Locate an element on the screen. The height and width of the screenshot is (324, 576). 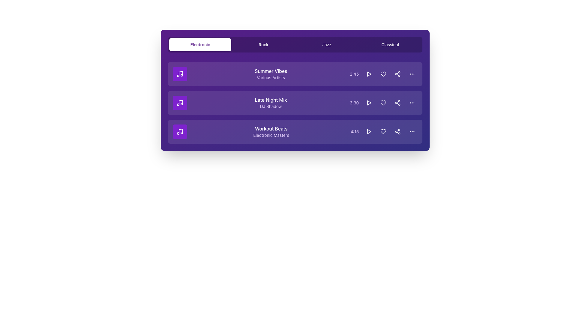
the triangular play icon styled in white, located on the right-hand side of the bottommost item in a vertical list of music tracks is located at coordinates (369, 131).